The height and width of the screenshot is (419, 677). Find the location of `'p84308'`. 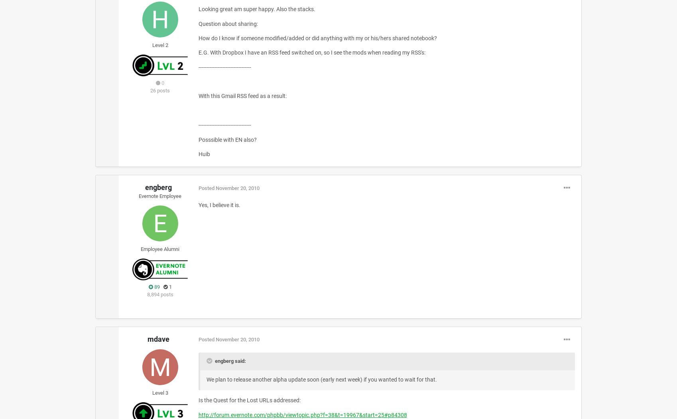

'p84308' is located at coordinates (387, 414).